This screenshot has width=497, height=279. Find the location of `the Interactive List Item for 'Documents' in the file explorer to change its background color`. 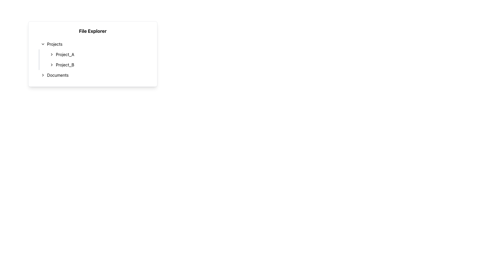

the Interactive List Item for 'Documents' in the file explorer to change its background color is located at coordinates (95, 75).